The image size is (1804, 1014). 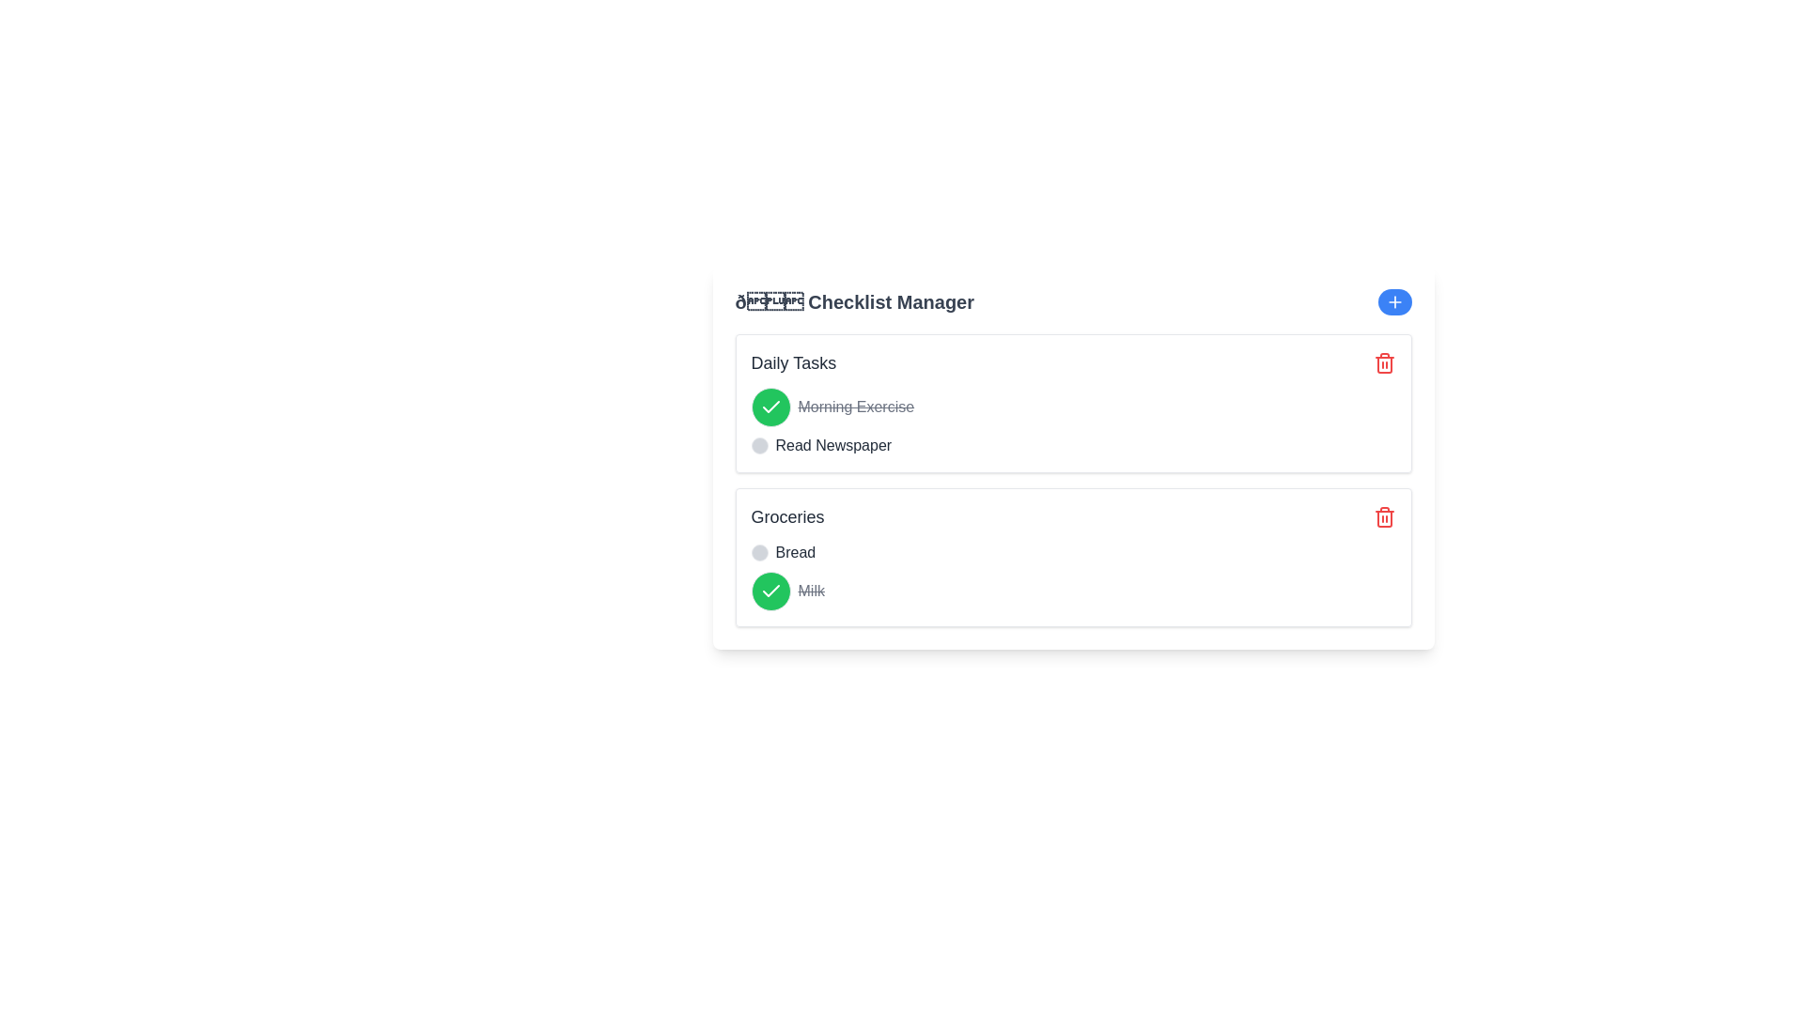 What do you see at coordinates (1384, 362) in the screenshot?
I see `the delete button located at the far right of the 'Daily Tasks' section to trigger hover effects` at bounding box center [1384, 362].